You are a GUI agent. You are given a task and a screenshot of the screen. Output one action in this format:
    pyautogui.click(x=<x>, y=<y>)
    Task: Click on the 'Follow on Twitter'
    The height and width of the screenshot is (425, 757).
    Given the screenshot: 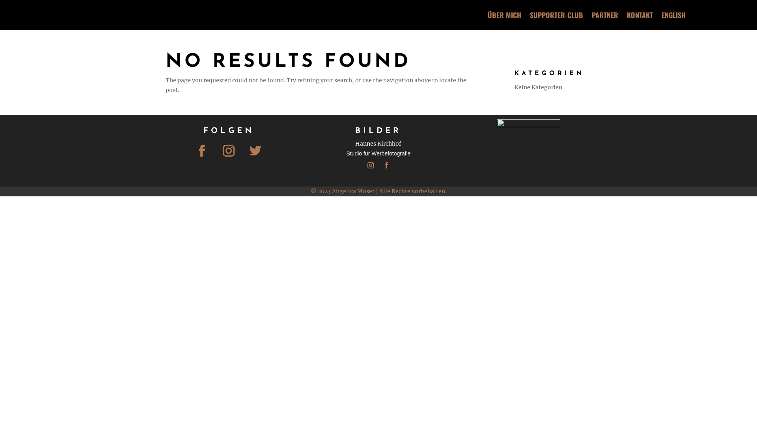 What is the action you would take?
    pyautogui.click(x=255, y=150)
    